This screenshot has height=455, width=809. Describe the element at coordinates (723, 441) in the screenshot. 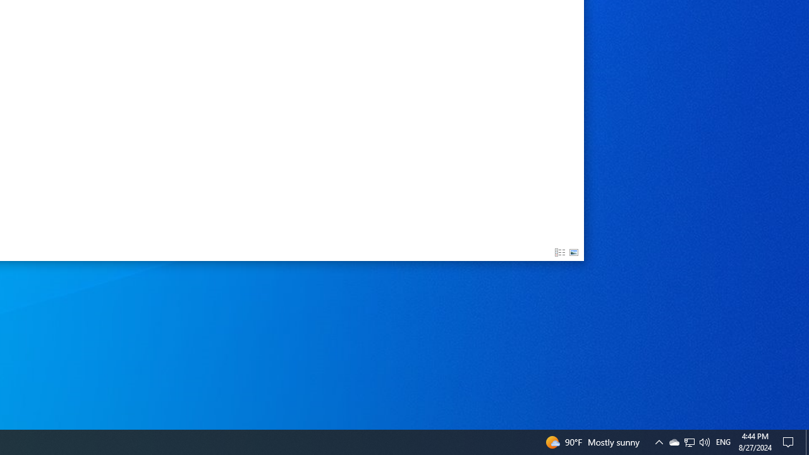

I see `'Tray Input Indicator - English (United States)'` at that location.